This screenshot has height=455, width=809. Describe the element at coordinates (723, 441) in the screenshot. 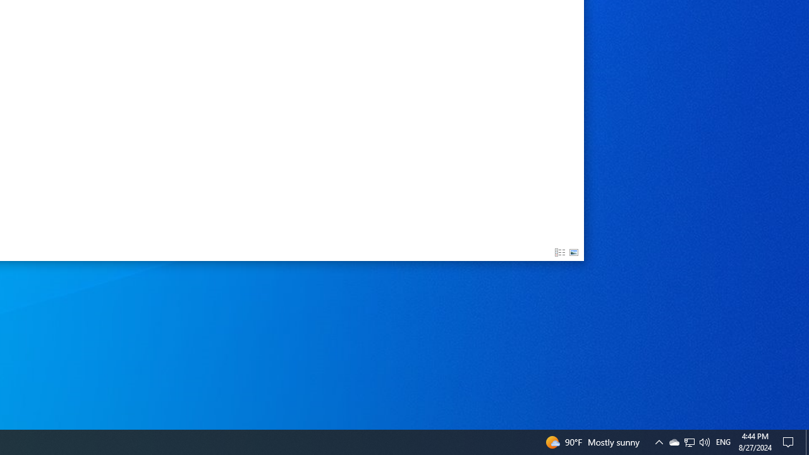

I see `'Tray Input Indicator - English (United States)'` at that location.